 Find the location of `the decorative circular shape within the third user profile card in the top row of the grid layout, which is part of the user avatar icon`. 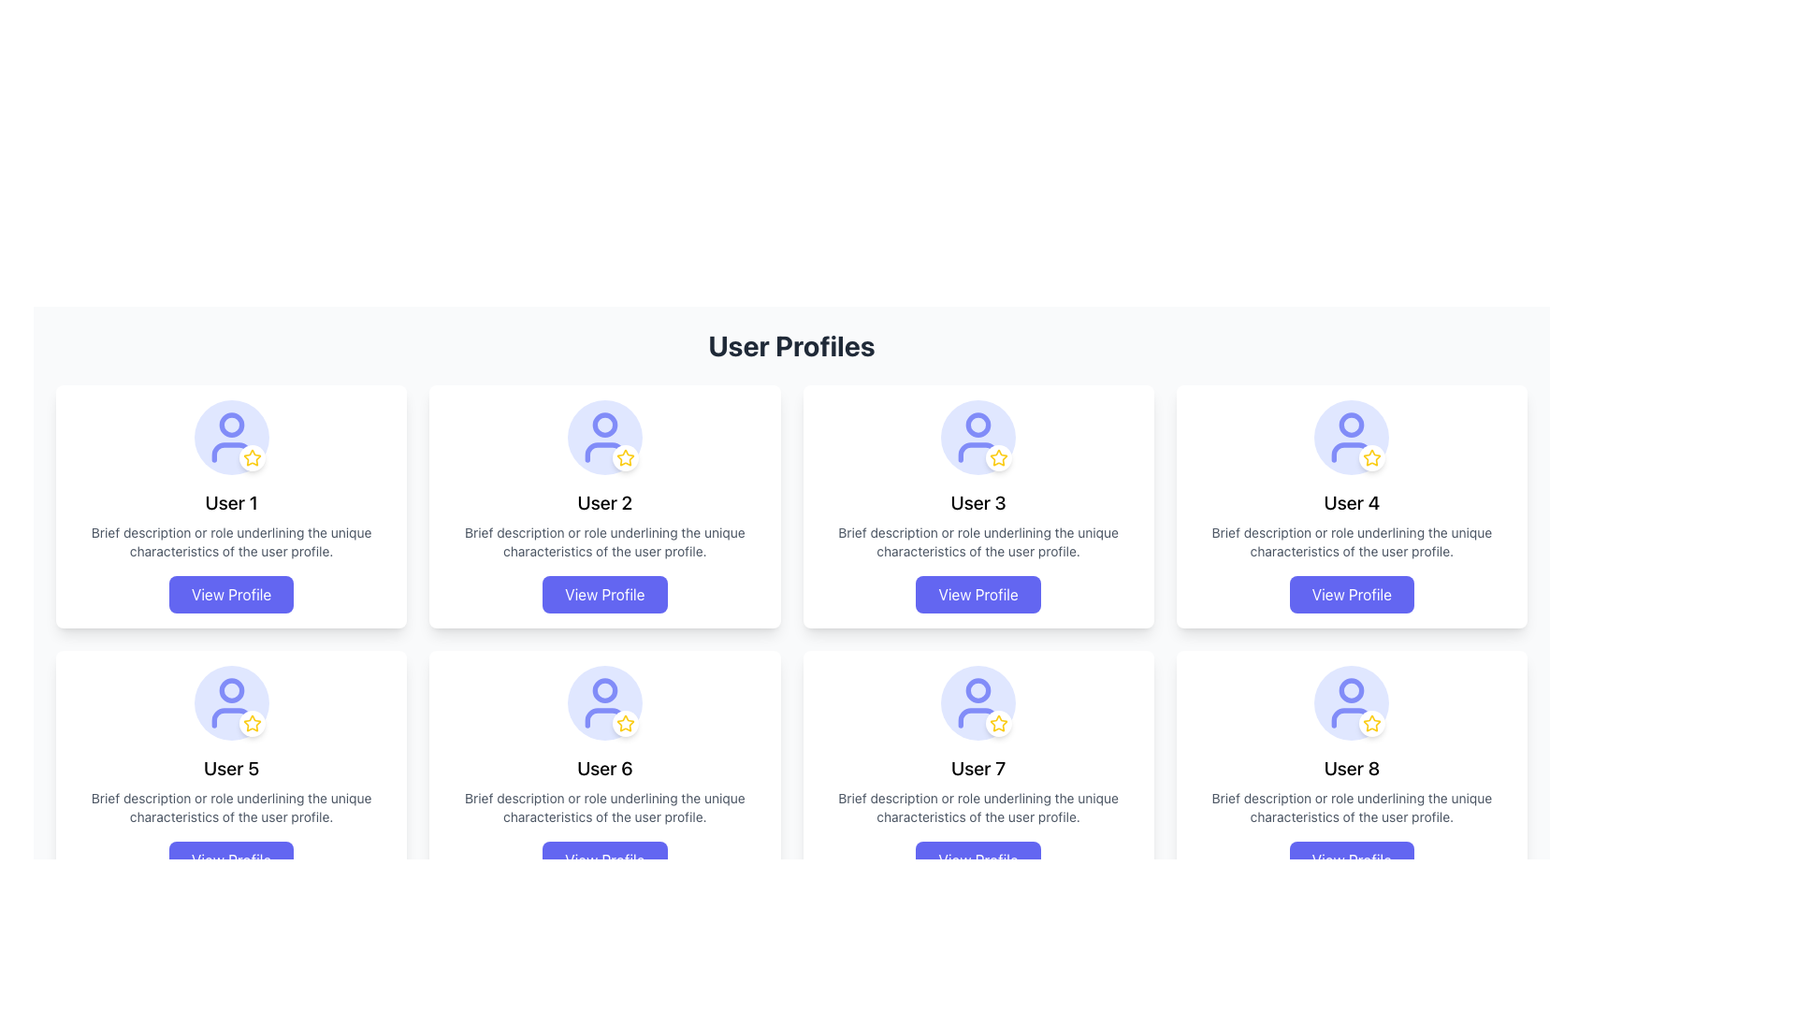

the decorative circular shape within the third user profile card in the top row of the grid layout, which is part of the user avatar icon is located at coordinates (978, 425).